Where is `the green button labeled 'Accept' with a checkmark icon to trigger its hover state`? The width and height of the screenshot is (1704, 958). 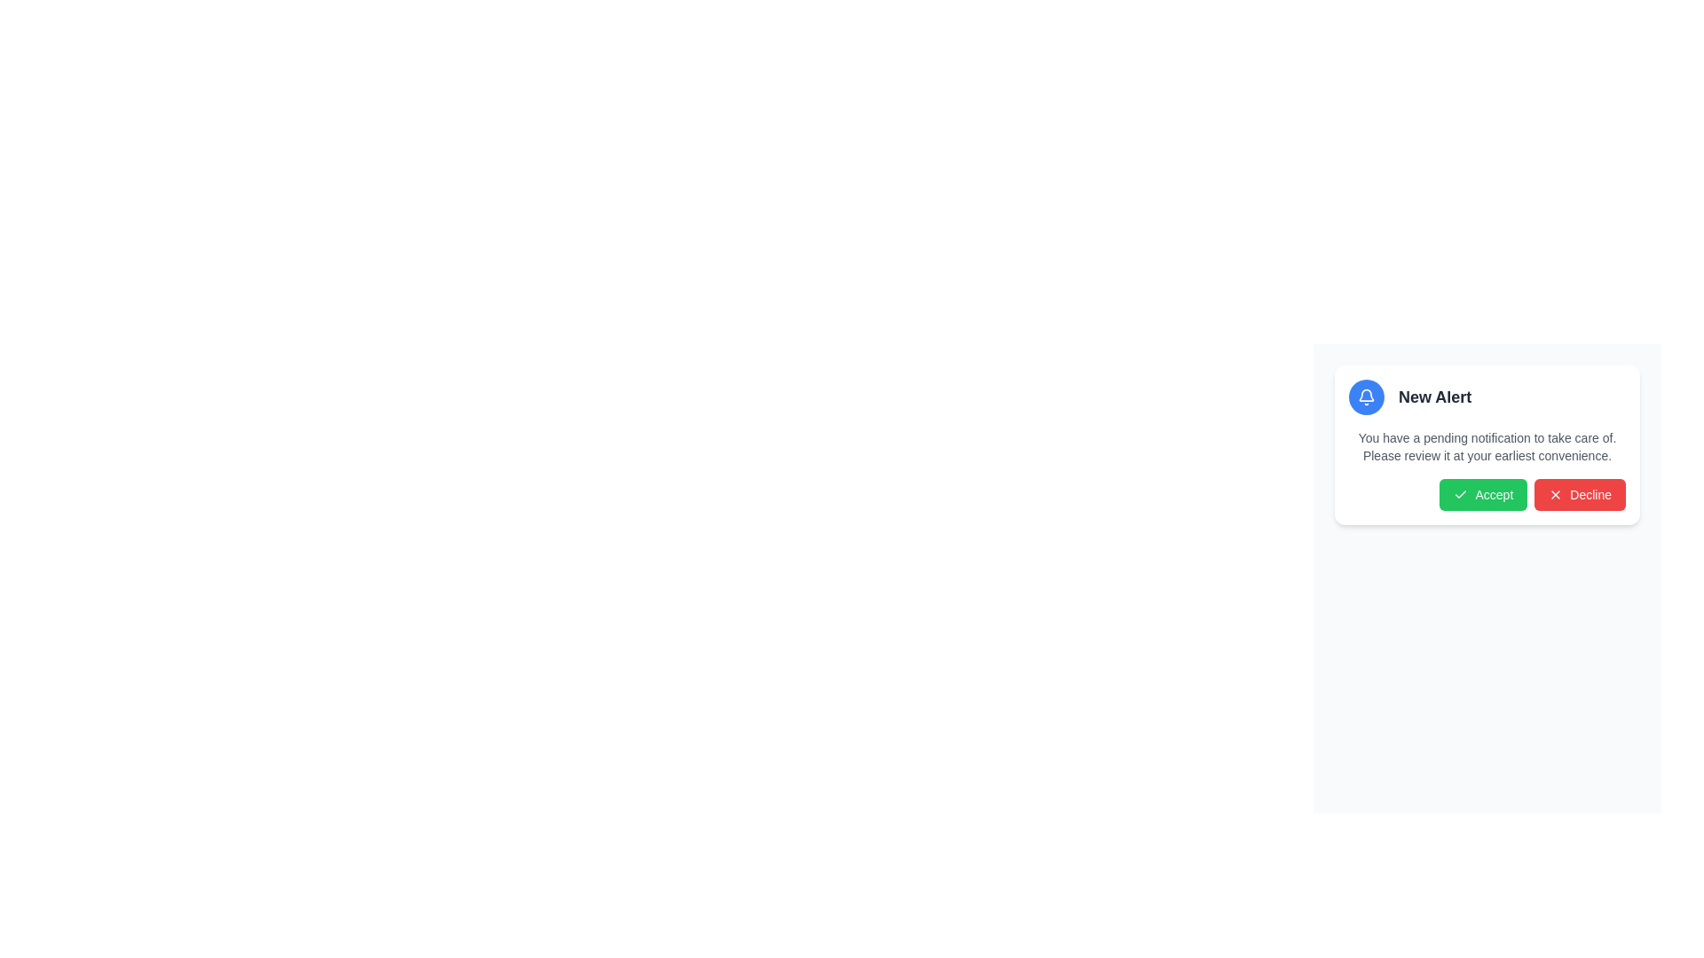
the green button labeled 'Accept' with a checkmark icon to trigger its hover state is located at coordinates (1483, 495).